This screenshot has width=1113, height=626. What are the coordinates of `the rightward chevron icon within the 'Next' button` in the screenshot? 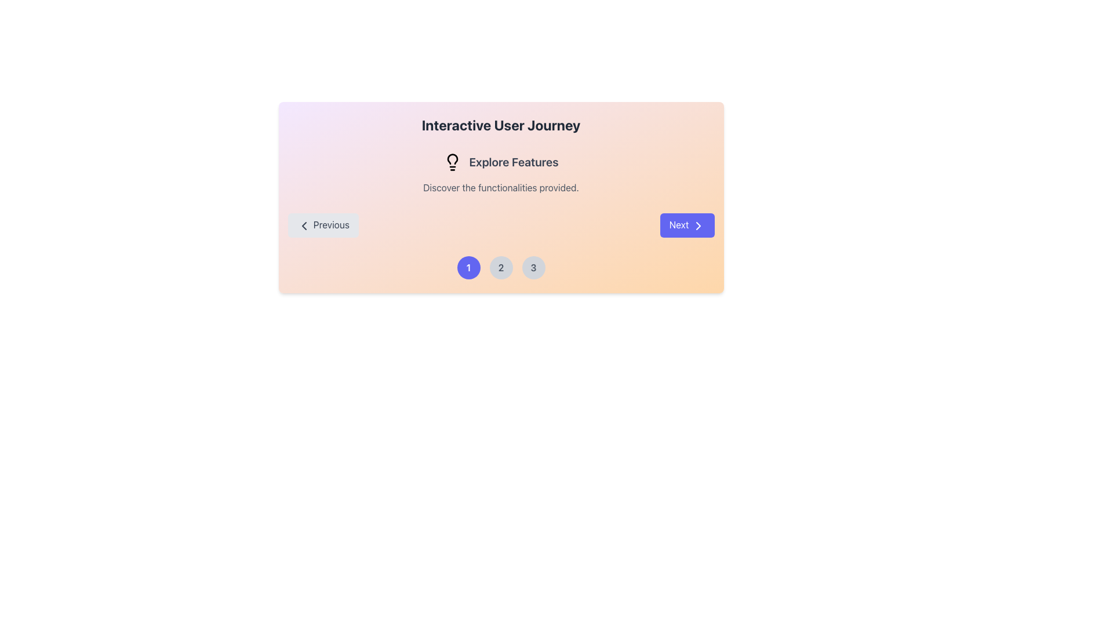 It's located at (697, 225).